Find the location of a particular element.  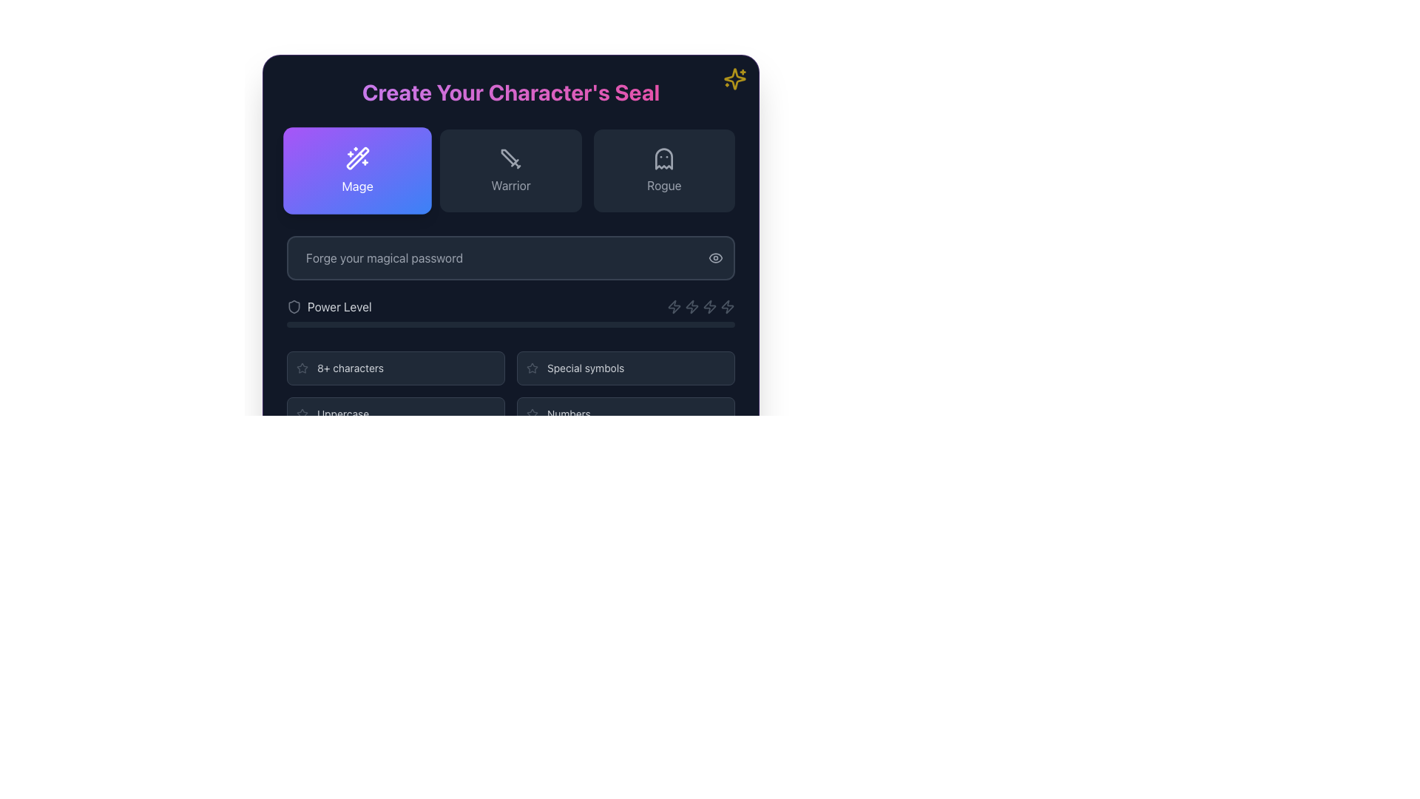

the 'Power Level' label which is positioned below the 'Forge your magical password' input field and features a shield icon next to the text is located at coordinates (328, 306).